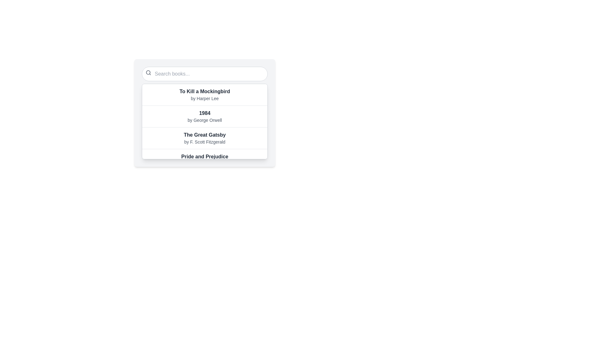  Describe the element at coordinates (148, 72) in the screenshot. I see `the magnifying glass icon, which is styled with a circular outline and a diagonal line, located on the left side of the search bar near the placeholder text 'Search books...'` at that location.